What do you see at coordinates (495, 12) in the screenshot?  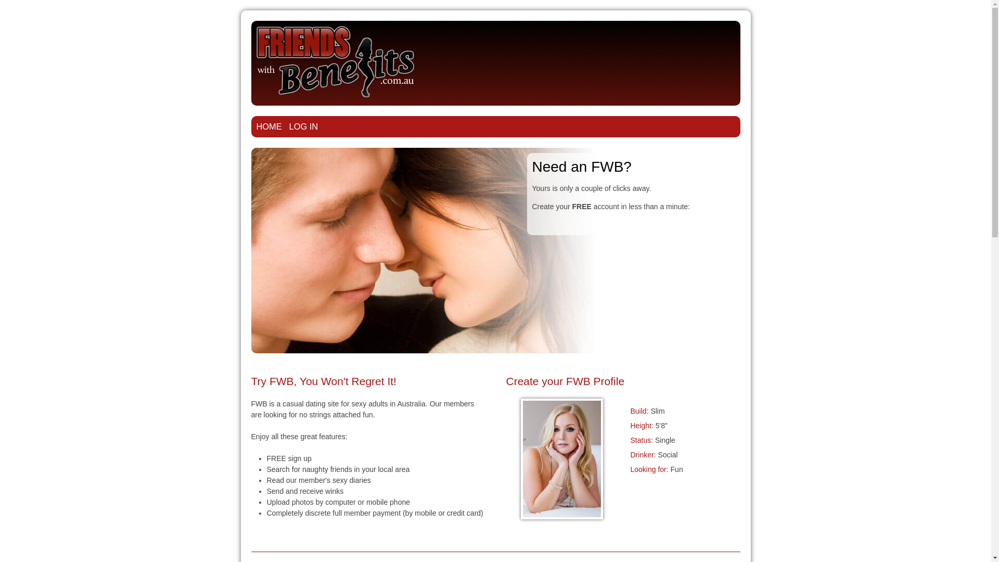 I see `'Jump to navigation'` at bounding box center [495, 12].